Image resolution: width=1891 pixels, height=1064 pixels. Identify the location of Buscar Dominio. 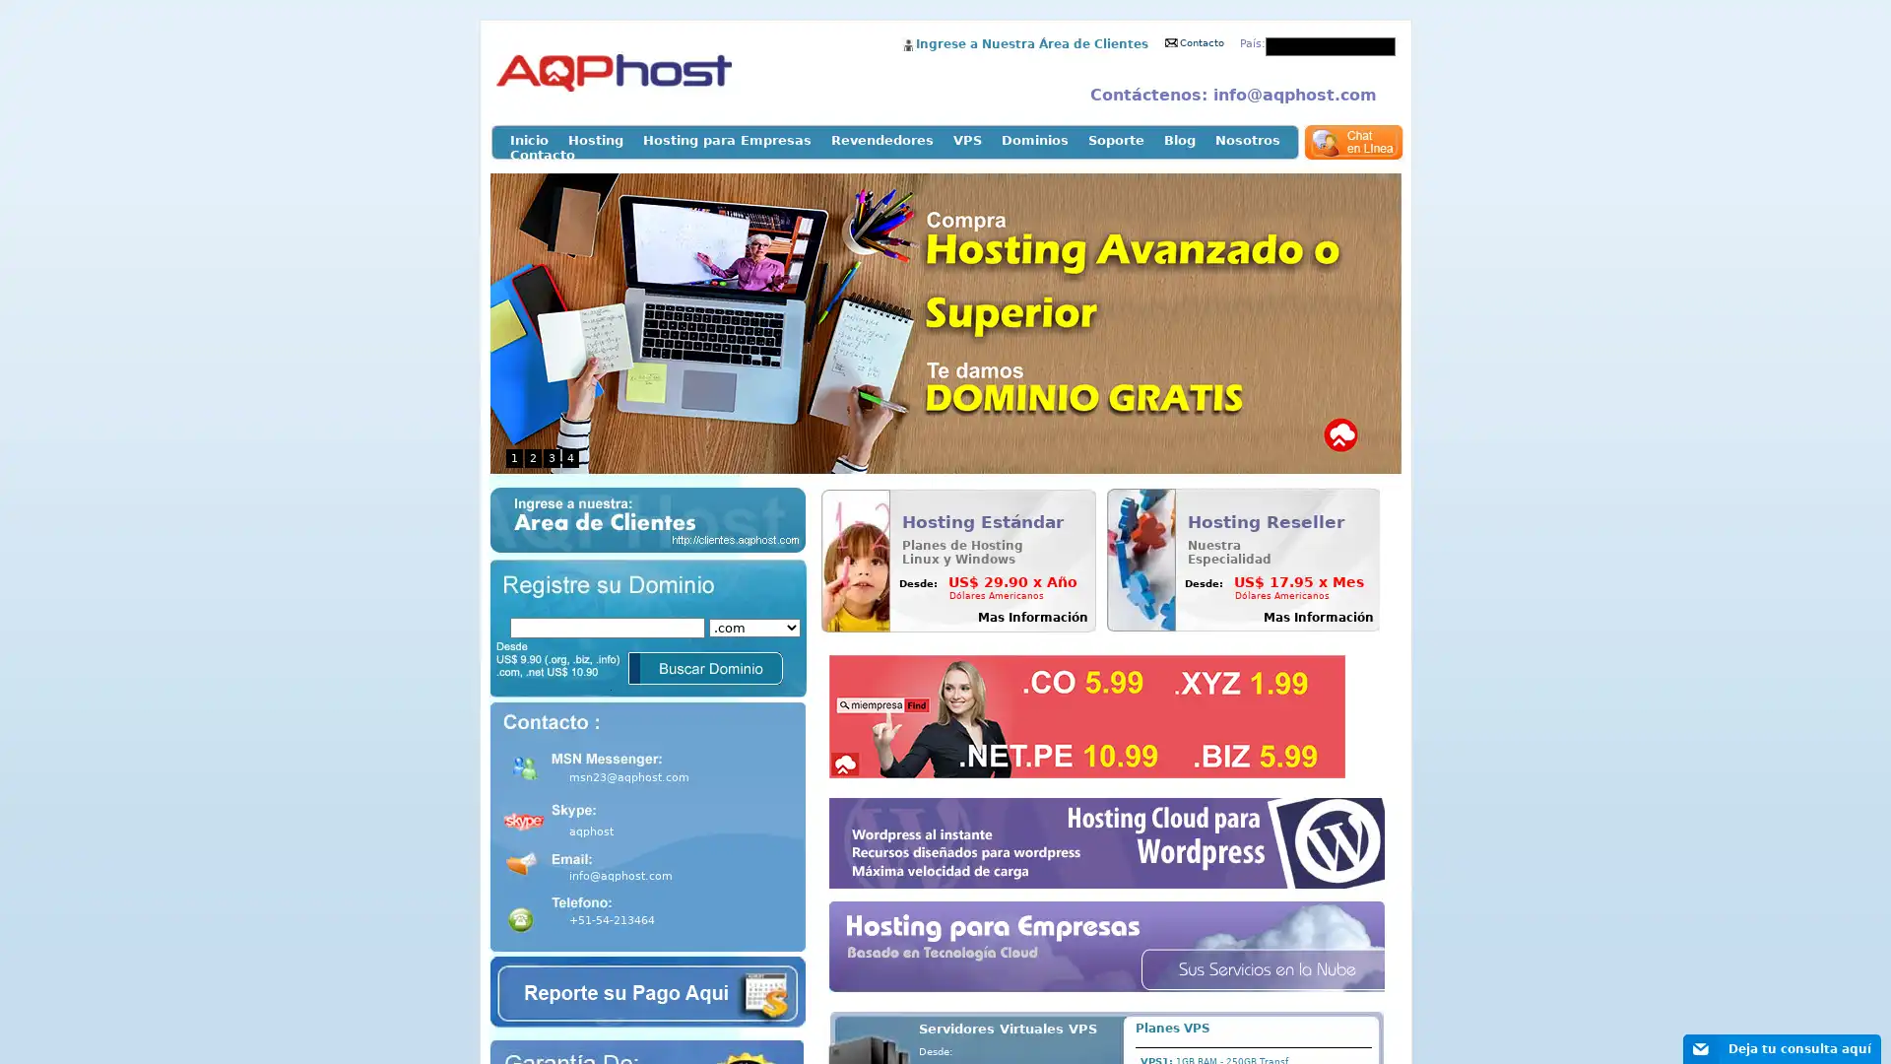
(704, 667).